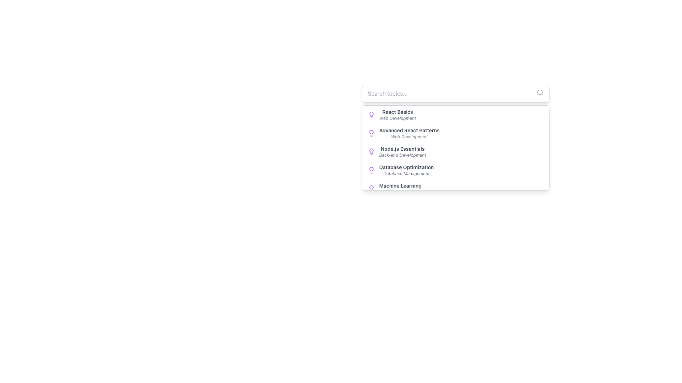  What do you see at coordinates (371, 133) in the screenshot?
I see `the purple rounded lightbulb icon located to the left of the text 'Advanced React Patterns' in the dropdown menu` at bounding box center [371, 133].